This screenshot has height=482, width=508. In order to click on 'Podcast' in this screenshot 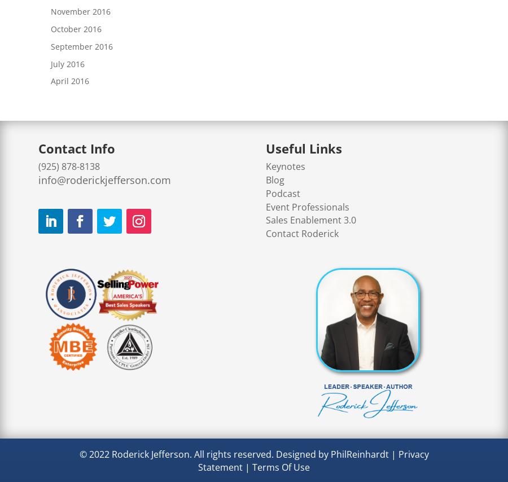, I will do `click(282, 193)`.